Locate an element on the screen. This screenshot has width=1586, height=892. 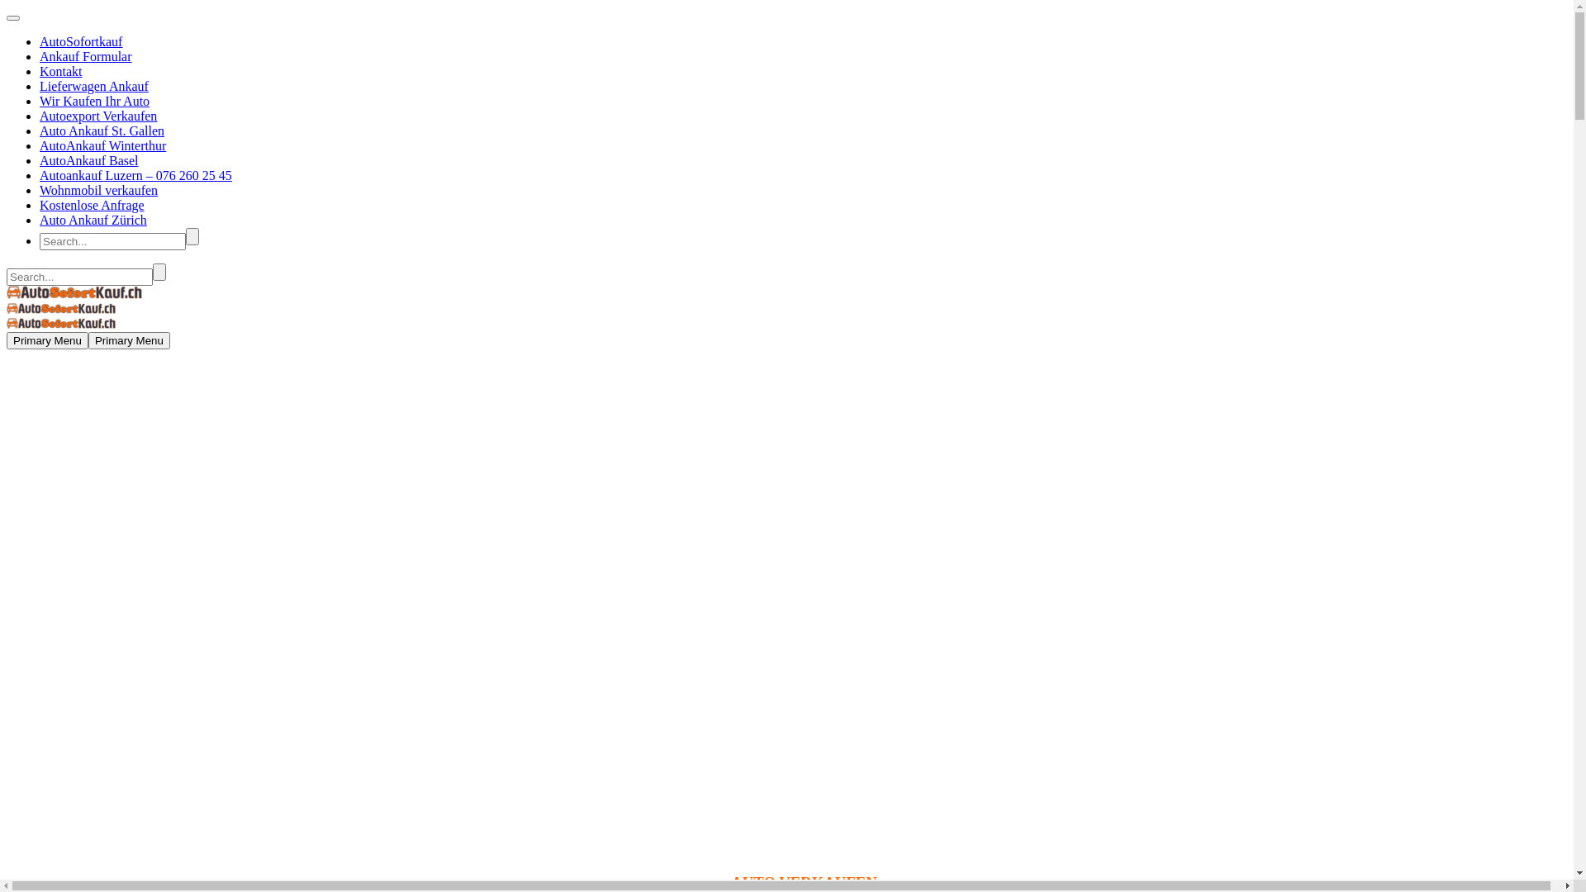
'Auto Ankauf St. Gallen' is located at coordinates (40, 130).